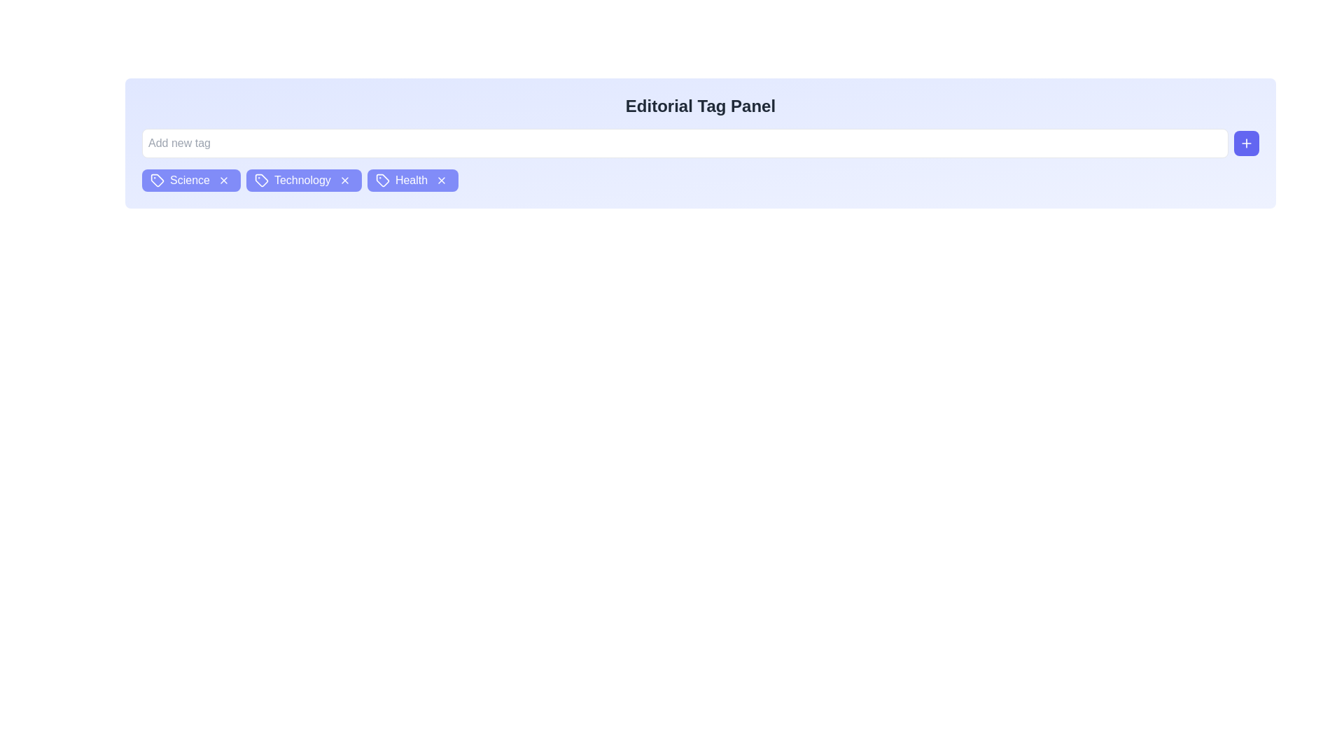 This screenshot has width=1344, height=756. Describe the element at coordinates (441, 180) in the screenshot. I see `the circular button with an 'X' icon located at the end of the 'Health' tag in the tag list to observe its hover effects` at that location.